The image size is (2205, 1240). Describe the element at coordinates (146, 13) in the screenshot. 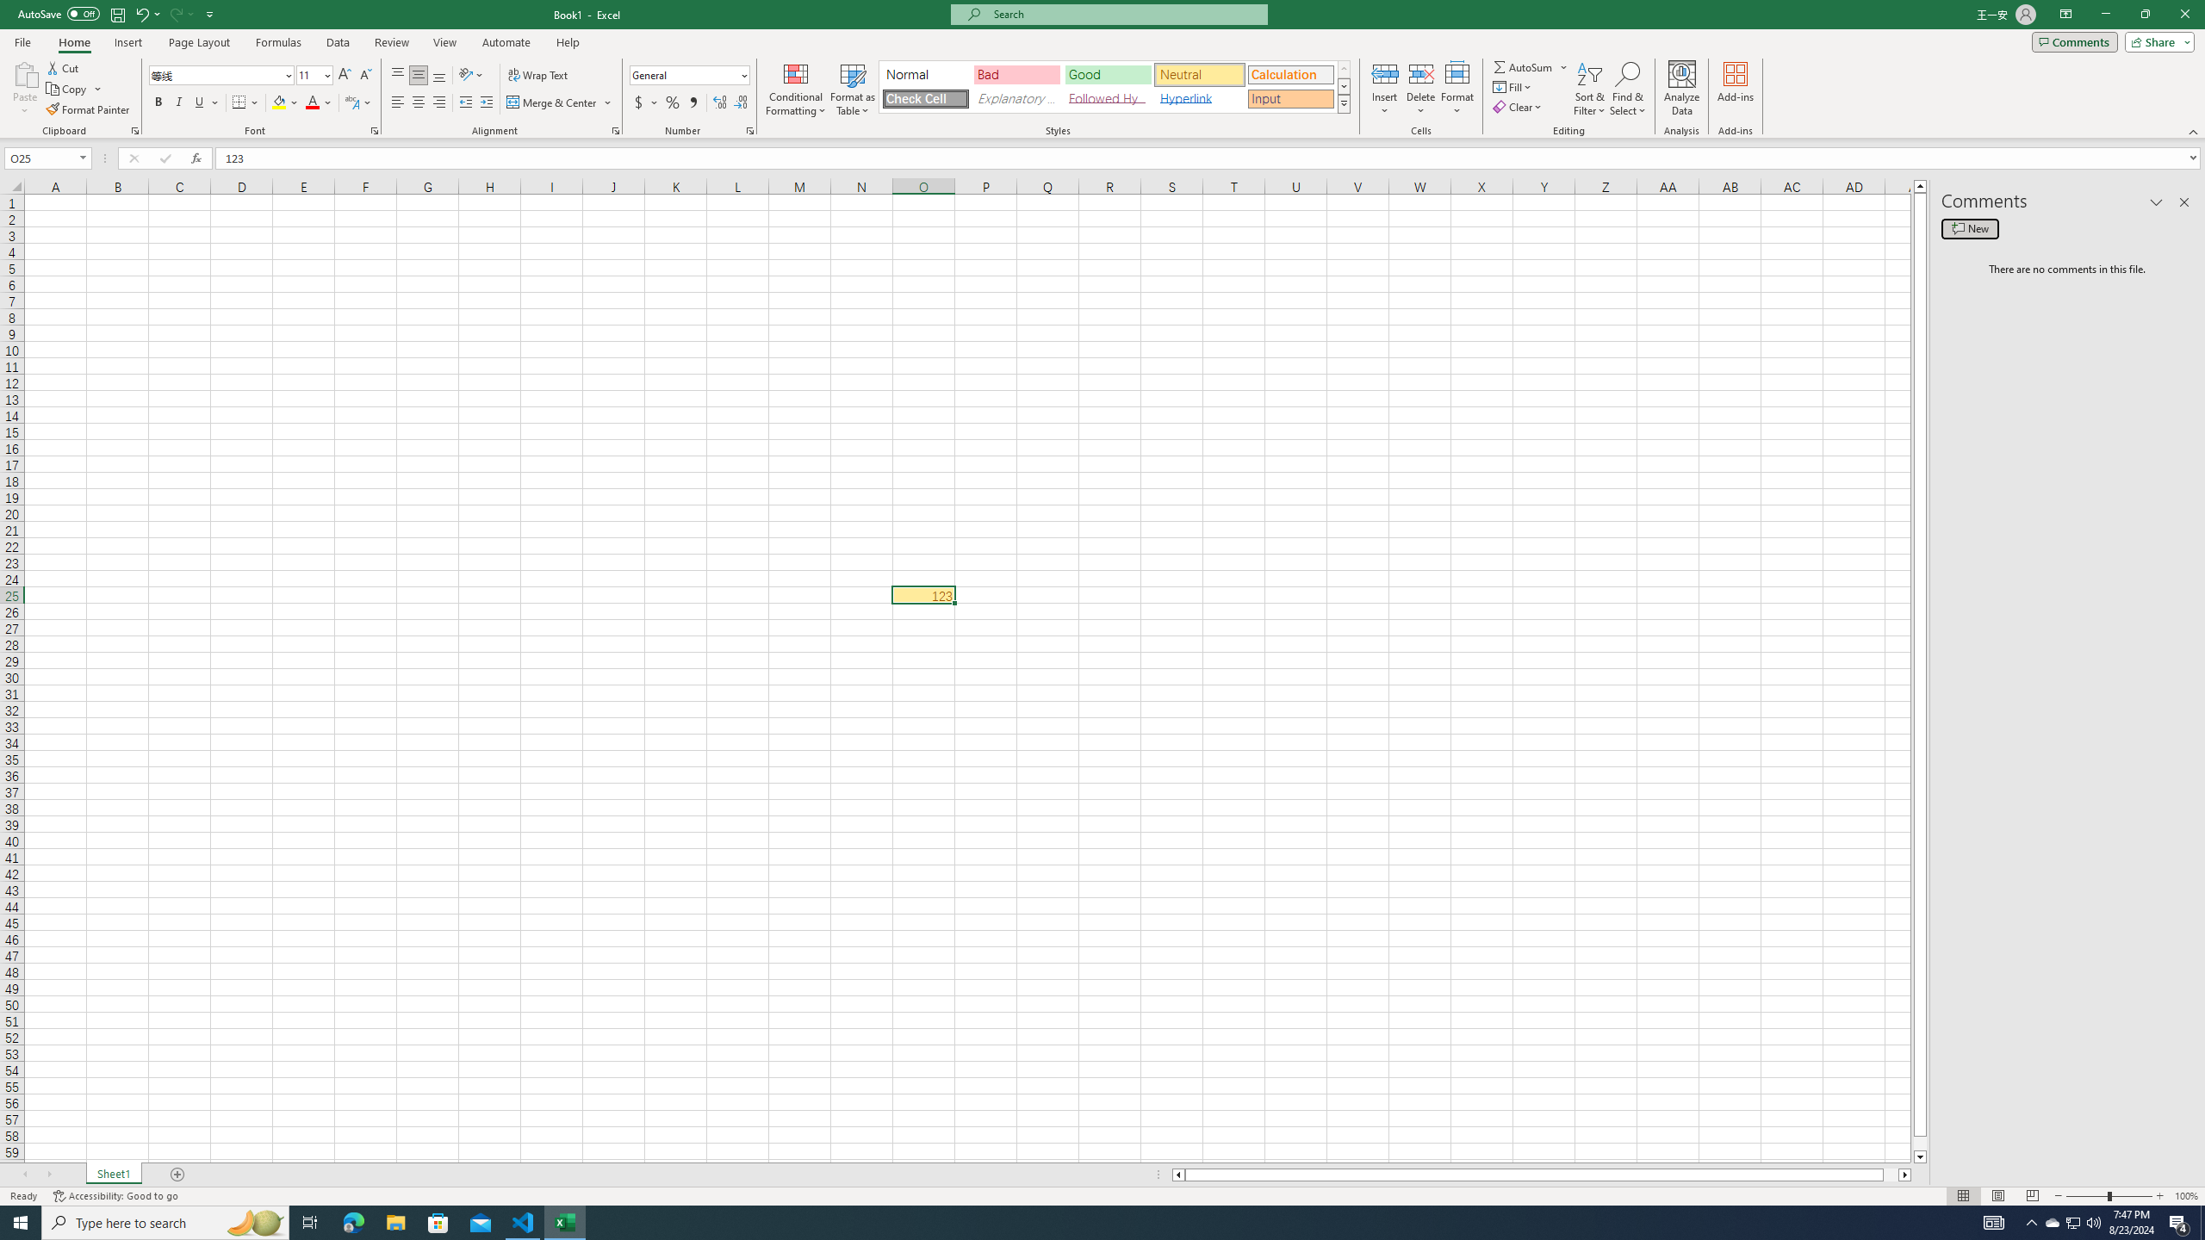

I see `'Undo'` at that location.